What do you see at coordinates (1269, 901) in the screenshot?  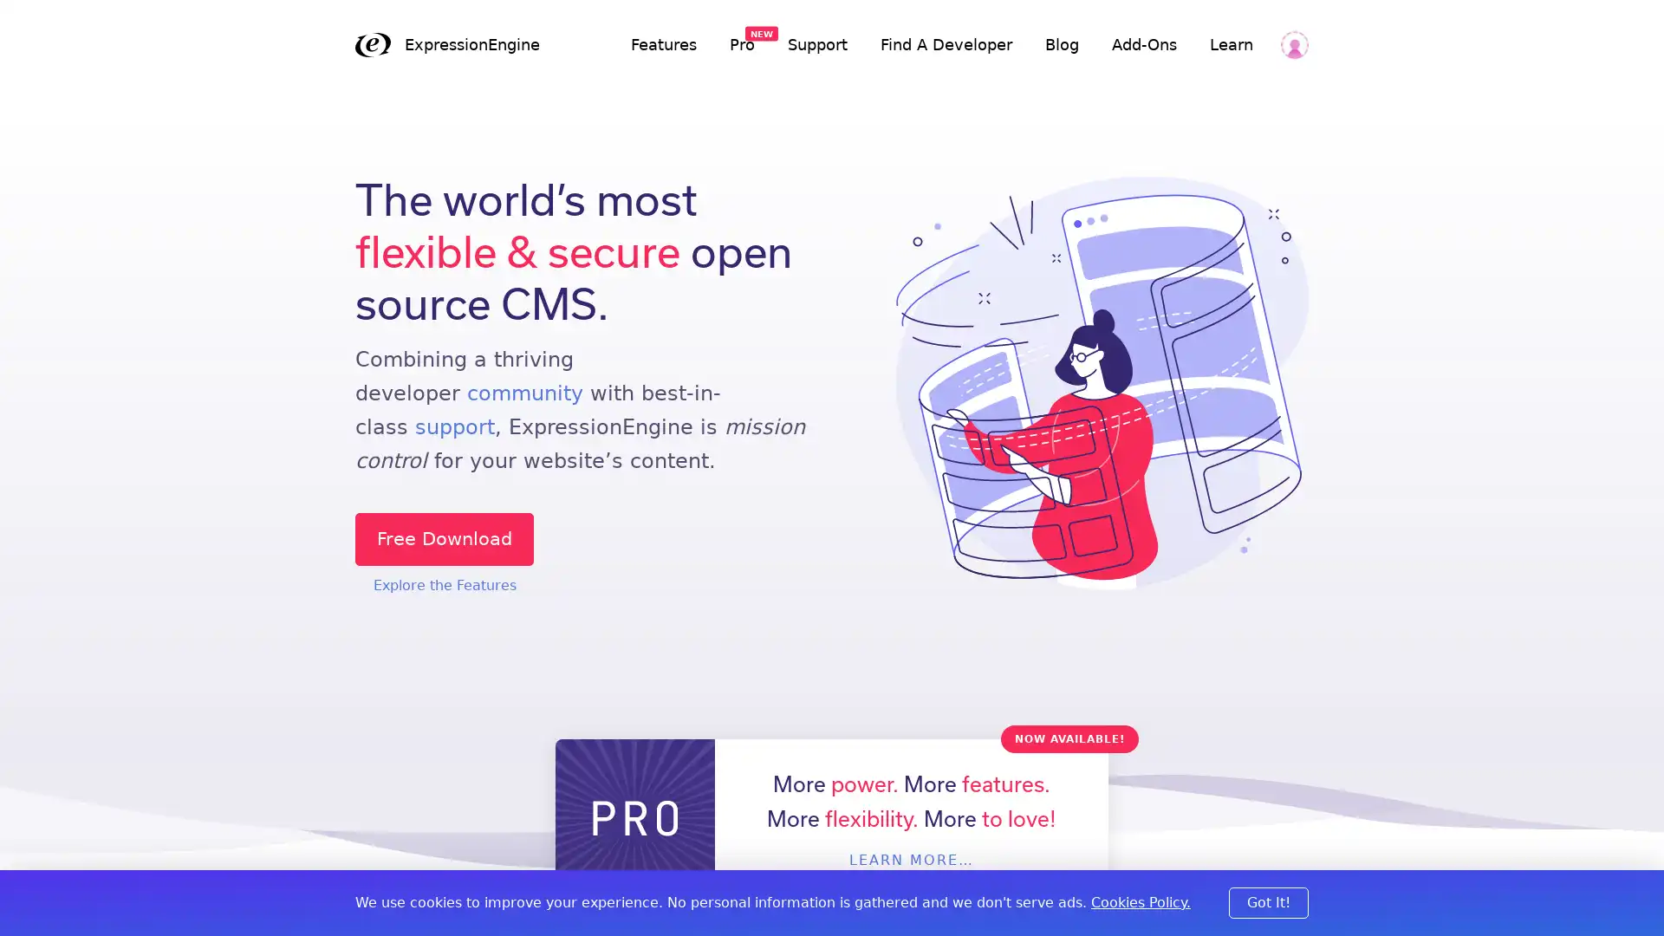 I see `Got It!` at bounding box center [1269, 901].